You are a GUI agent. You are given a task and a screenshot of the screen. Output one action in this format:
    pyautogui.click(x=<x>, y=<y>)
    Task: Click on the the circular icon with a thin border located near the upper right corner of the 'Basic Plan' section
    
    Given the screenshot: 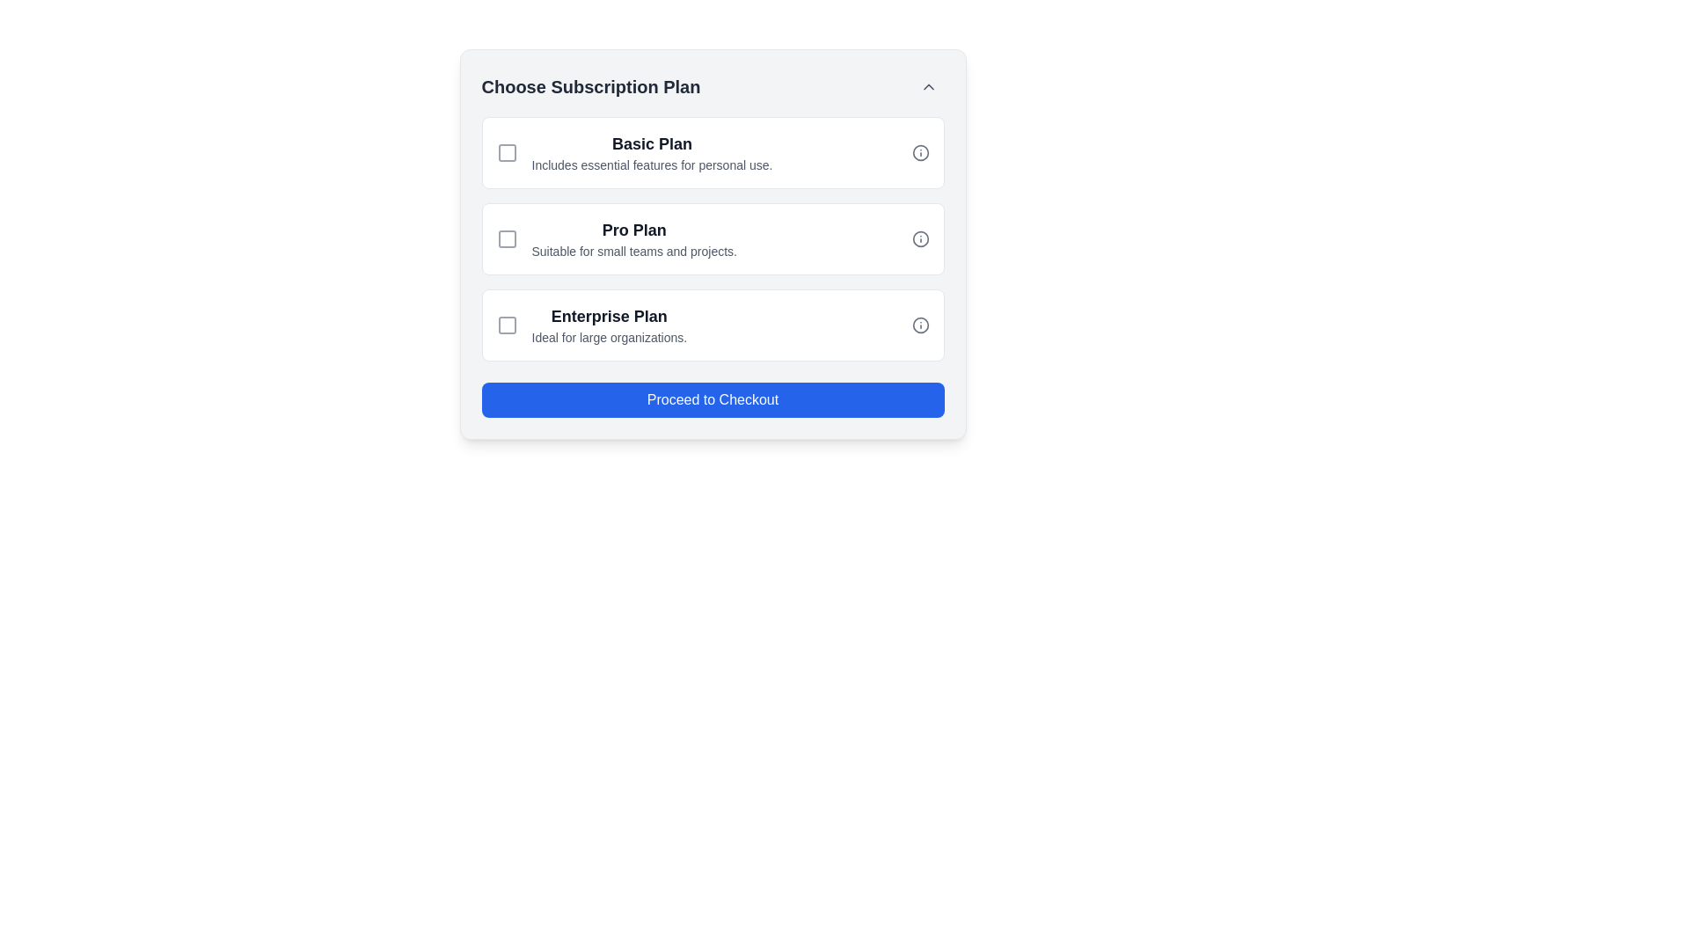 What is the action you would take?
    pyautogui.click(x=919, y=151)
    